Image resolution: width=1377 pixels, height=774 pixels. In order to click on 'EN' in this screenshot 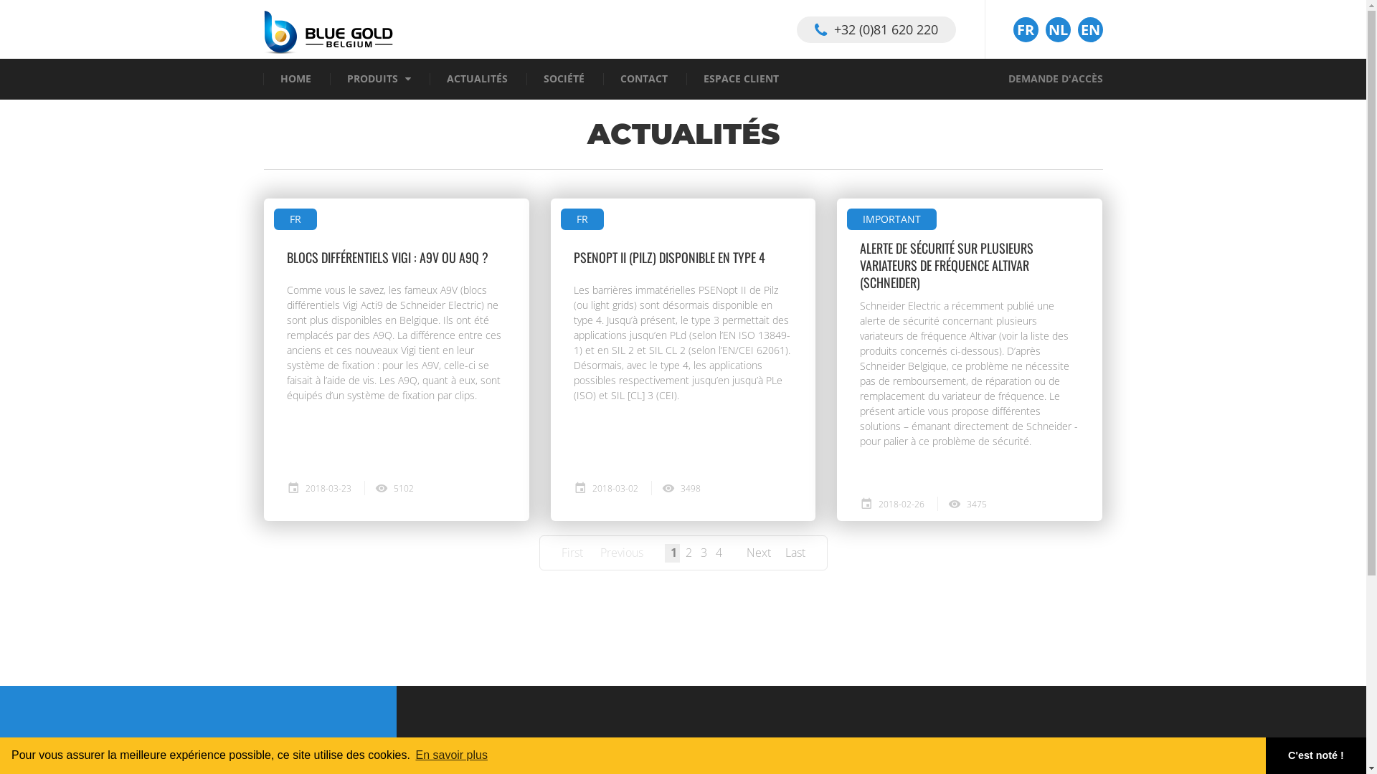, I will do `click(1089, 29)`.